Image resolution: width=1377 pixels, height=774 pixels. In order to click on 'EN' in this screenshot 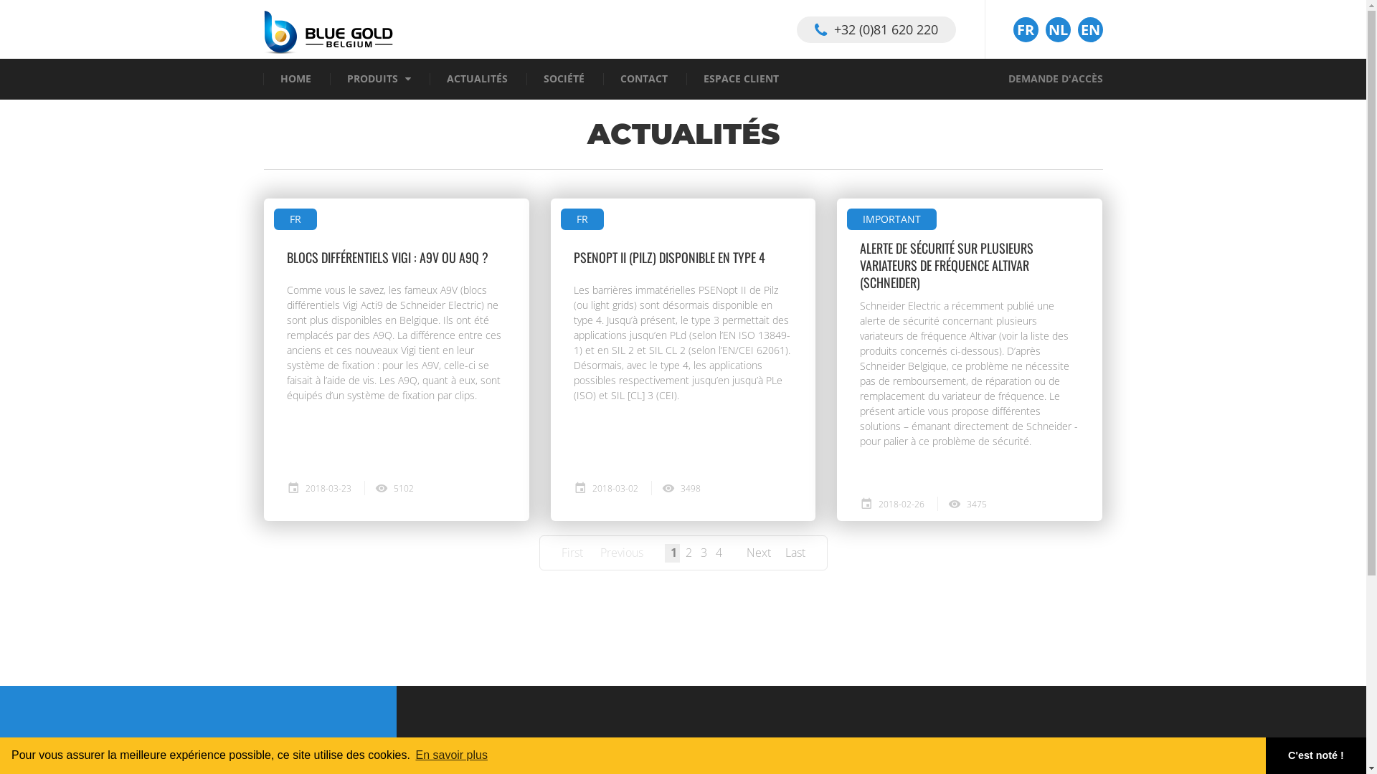, I will do `click(1089, 29)`.